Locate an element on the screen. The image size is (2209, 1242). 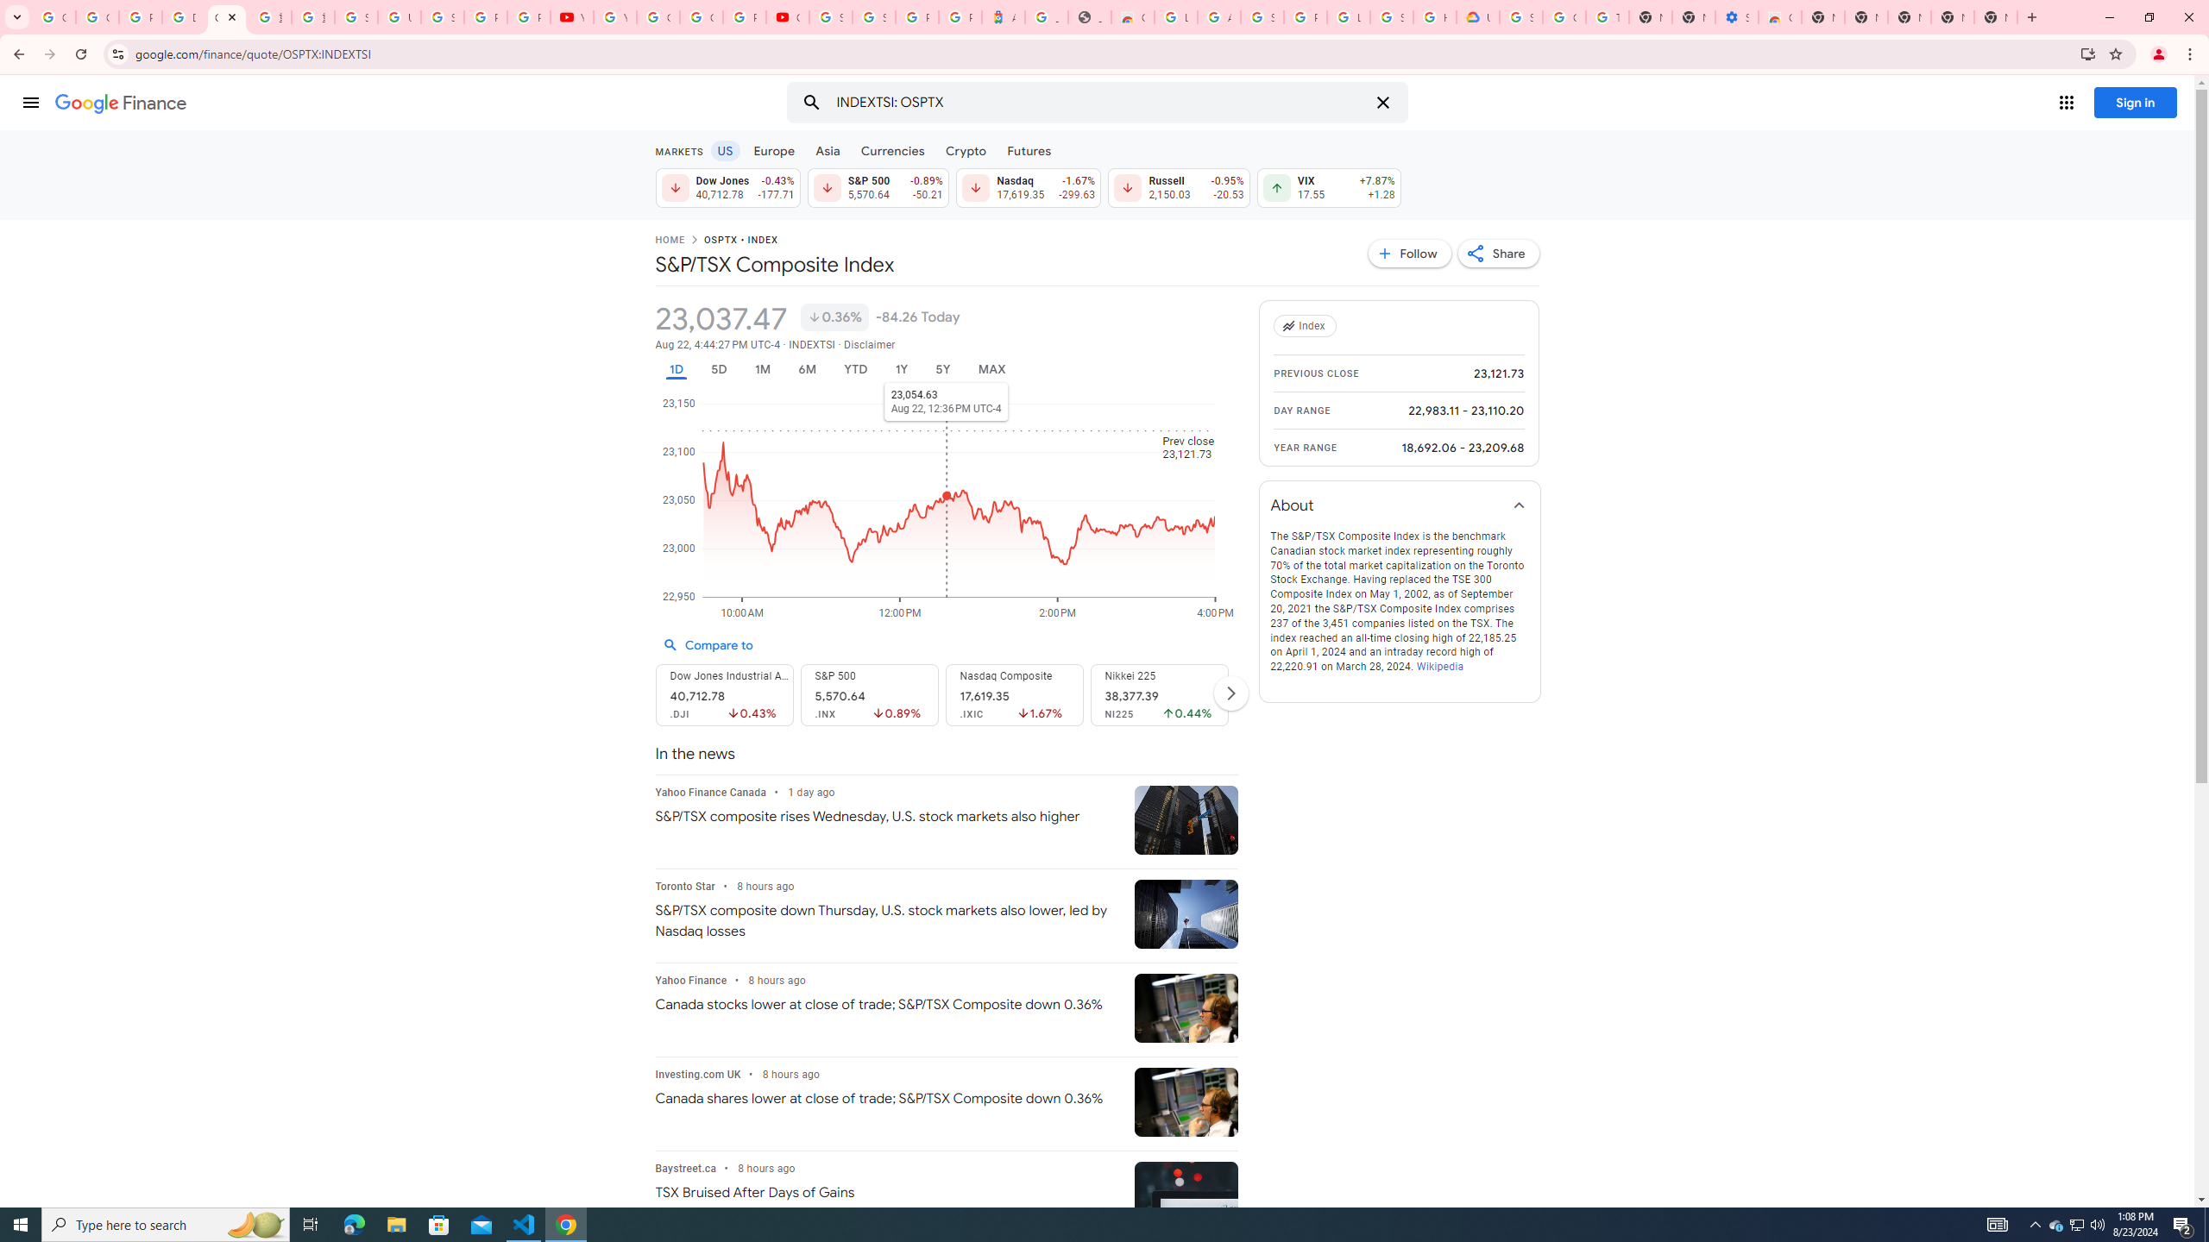
'Privacy Checkup' is located at coordinates (528, 16).